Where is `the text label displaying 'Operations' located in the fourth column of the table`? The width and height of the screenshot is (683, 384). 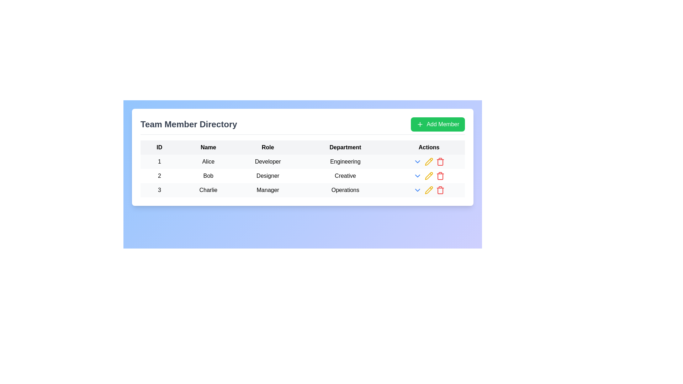
the text label displaying 'Operations' located in the fourth column of the table is located at coordinates (345, 190).